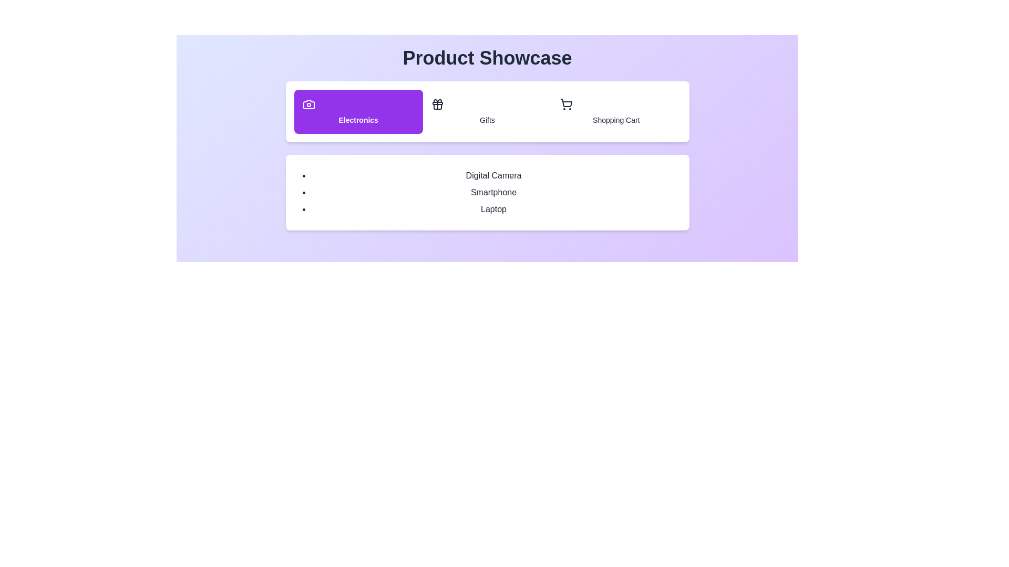  I want to click on the 'Gifts' button, which is the middle button in a group of three, so click(487, 111).